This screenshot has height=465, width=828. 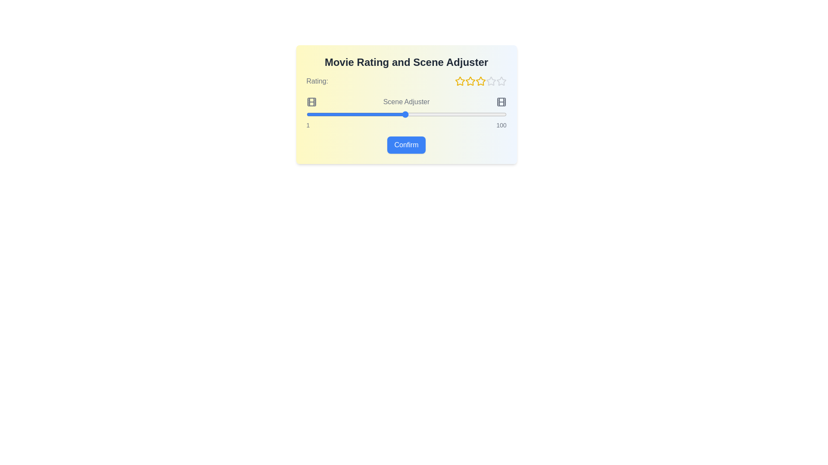 What do you see at coordinates (453, 114) in the screenshot?
I see `the scene slider to 74` at bounding box center [453, 114].